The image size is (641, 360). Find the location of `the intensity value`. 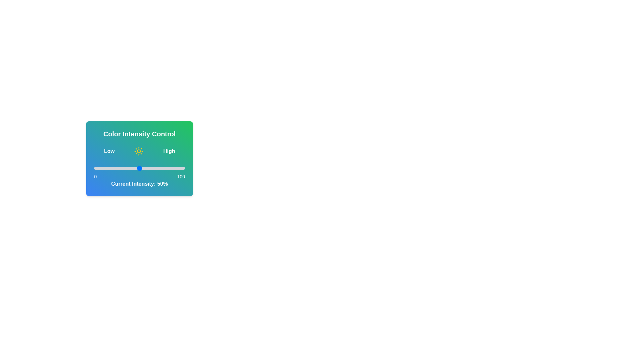

the intensity value is located at coordinates (181, 168).